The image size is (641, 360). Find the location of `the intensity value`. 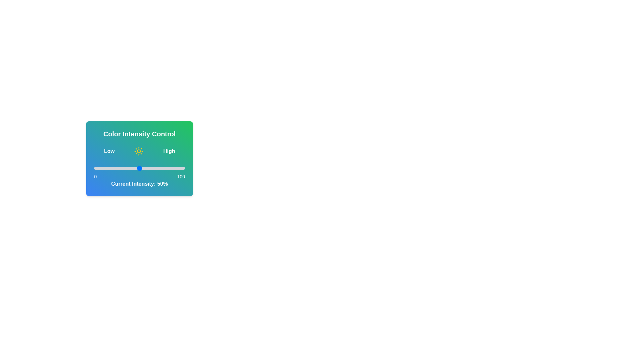

the intensity value is located at coordinates (181, 168).